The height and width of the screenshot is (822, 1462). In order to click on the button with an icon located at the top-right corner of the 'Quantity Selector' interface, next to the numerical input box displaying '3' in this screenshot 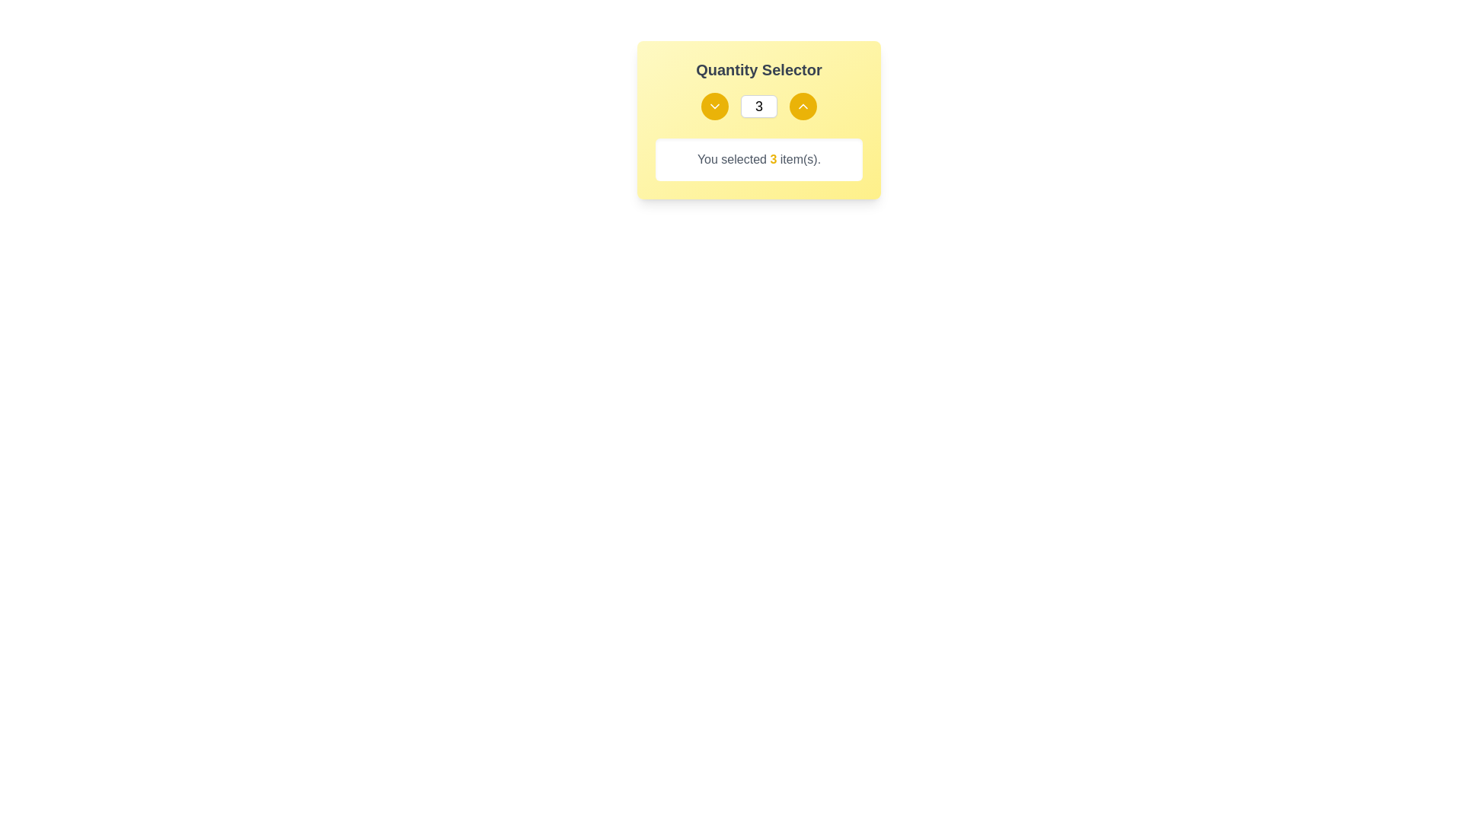, I will do `click(803, 105)`.